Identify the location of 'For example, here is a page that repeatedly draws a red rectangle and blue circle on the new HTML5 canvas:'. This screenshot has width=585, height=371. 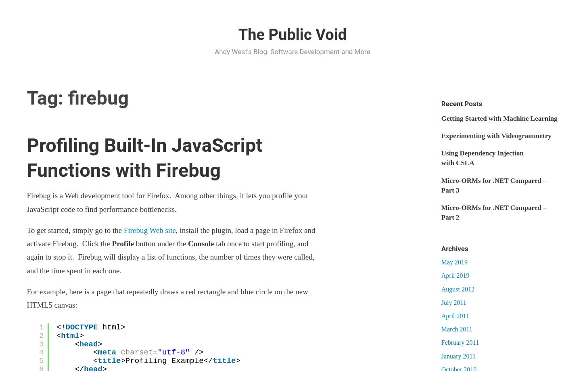
(167, 298).